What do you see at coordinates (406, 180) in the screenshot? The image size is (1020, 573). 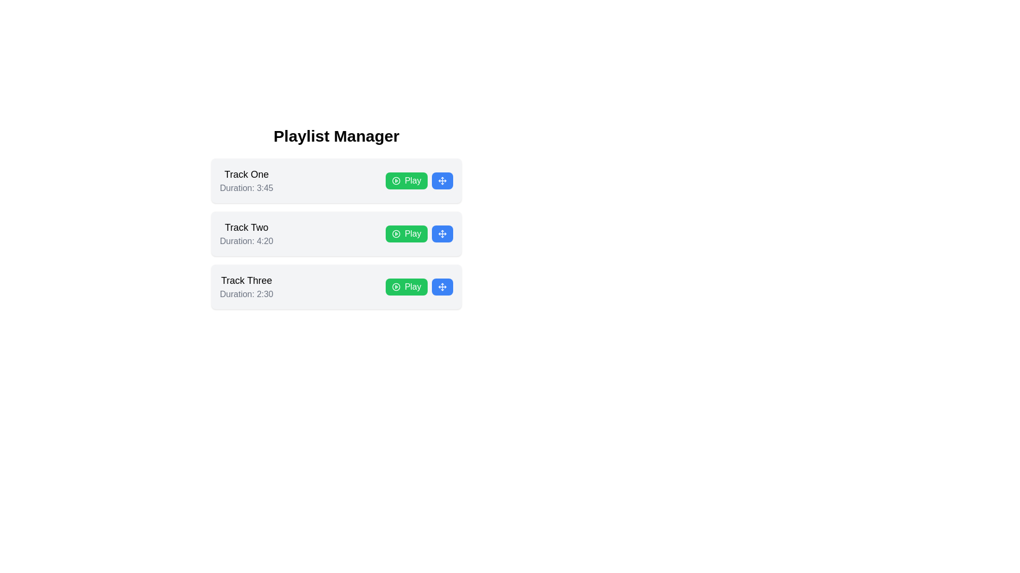 I see `the green 'Play' button with a white circular play icon located under the 'Track One' section in the playlist manager interface` at bounding box center [406, 180].